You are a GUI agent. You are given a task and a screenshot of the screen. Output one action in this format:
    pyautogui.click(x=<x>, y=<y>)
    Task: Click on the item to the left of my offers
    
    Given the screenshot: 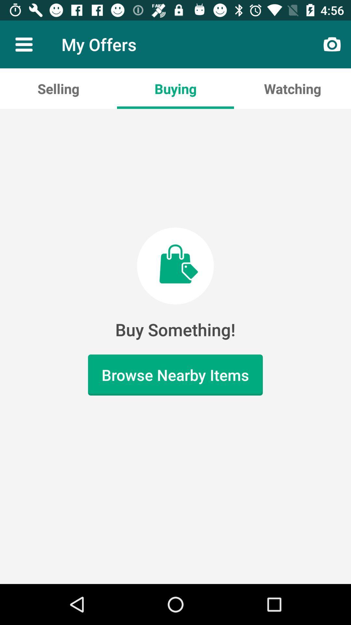 What is the action you would take?
    pyautogui.click(x=23, y=44)
    